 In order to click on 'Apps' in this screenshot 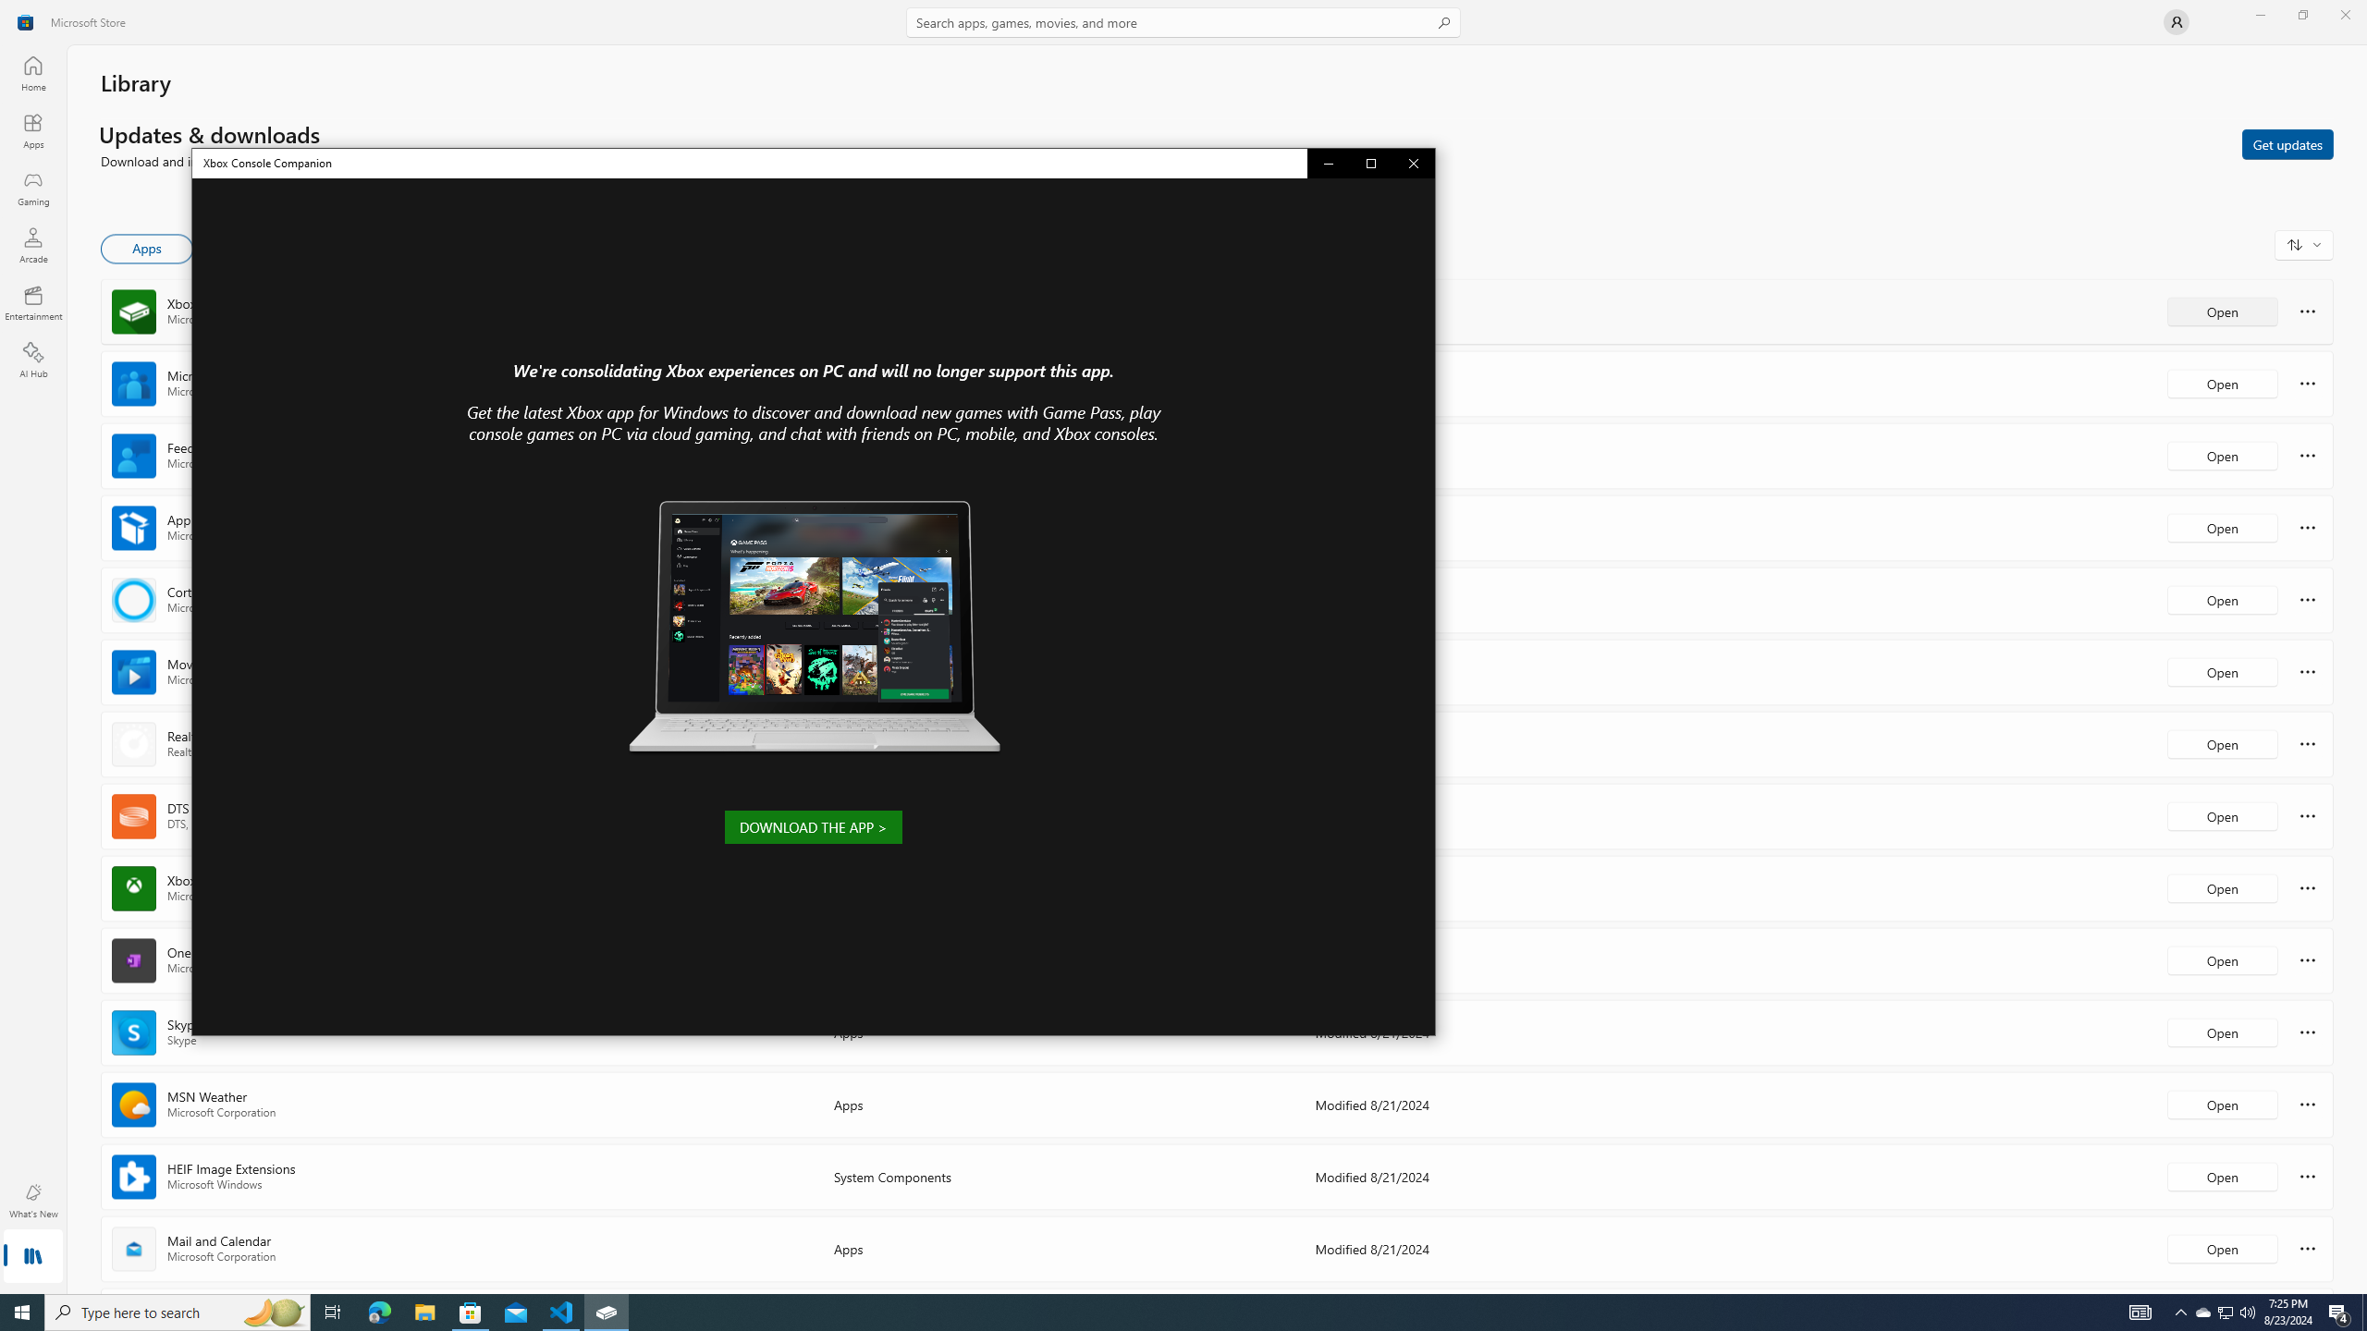, I will do `click(31, 72)`.